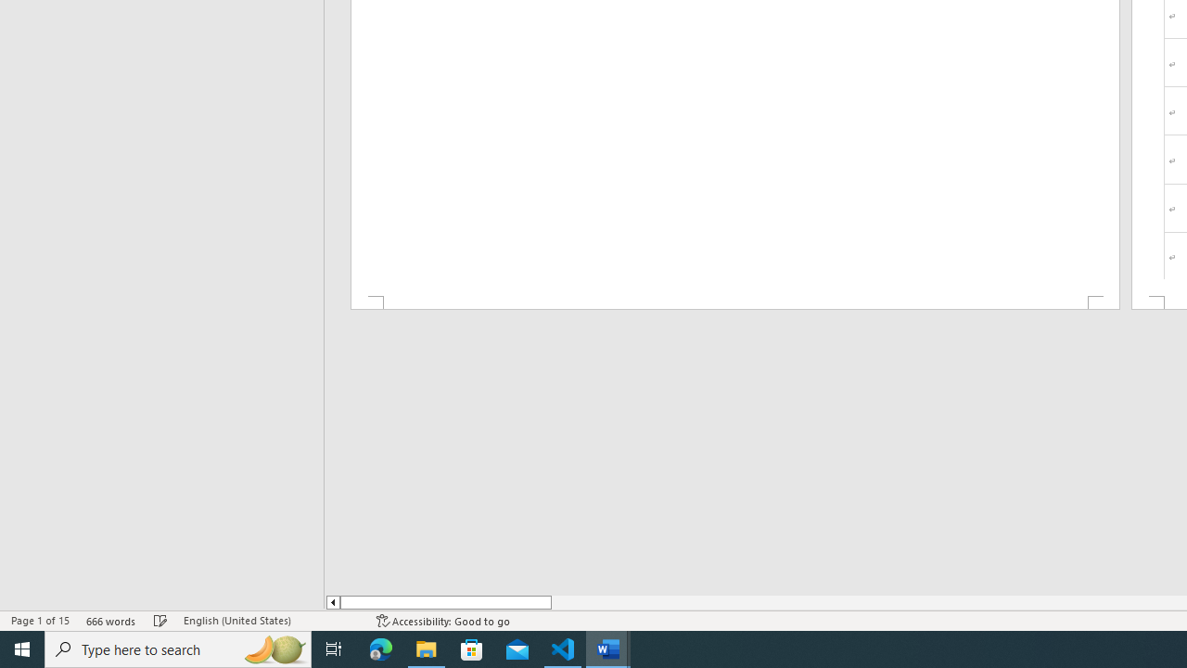  I want to click on 'Accessibility Checker Accessibility: Good to go', so click(442, 621).